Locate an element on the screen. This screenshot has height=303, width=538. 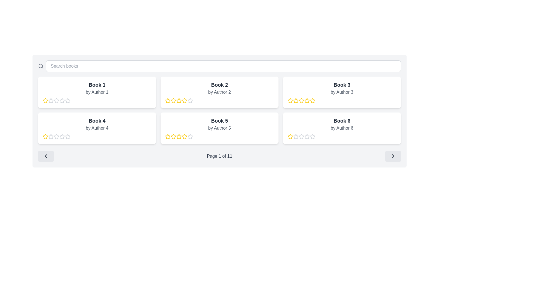
the first star icon in the rating component under the 'Book 6' card is located at coordinates (295, 136).